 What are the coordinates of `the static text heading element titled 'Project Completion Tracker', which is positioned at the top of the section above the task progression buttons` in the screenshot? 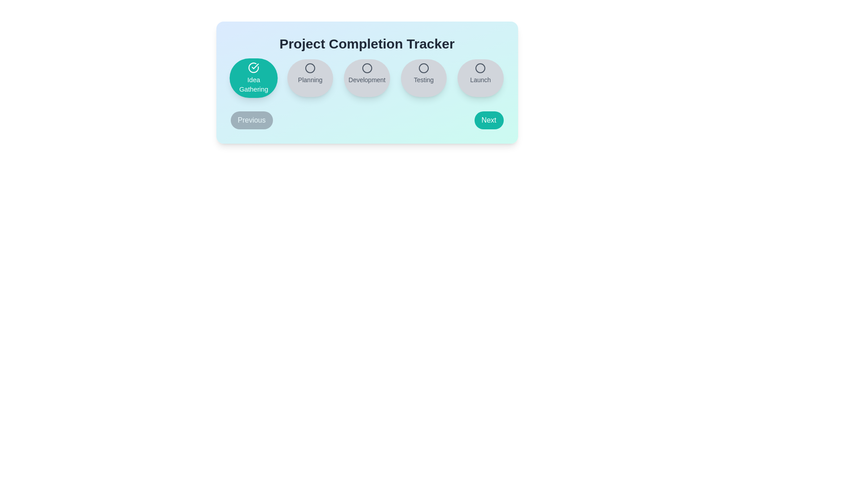 It's located at (367, 44).